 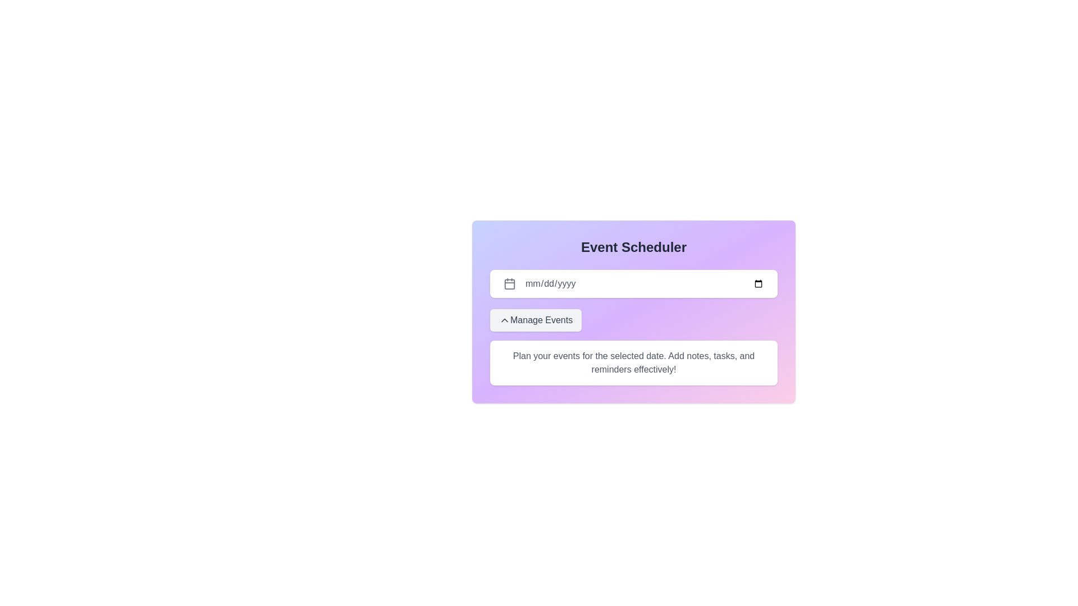 I want to click on the informational text box that provides guidance about planning events, located below the 'Manage Events' button, so click(x=633, y=363).